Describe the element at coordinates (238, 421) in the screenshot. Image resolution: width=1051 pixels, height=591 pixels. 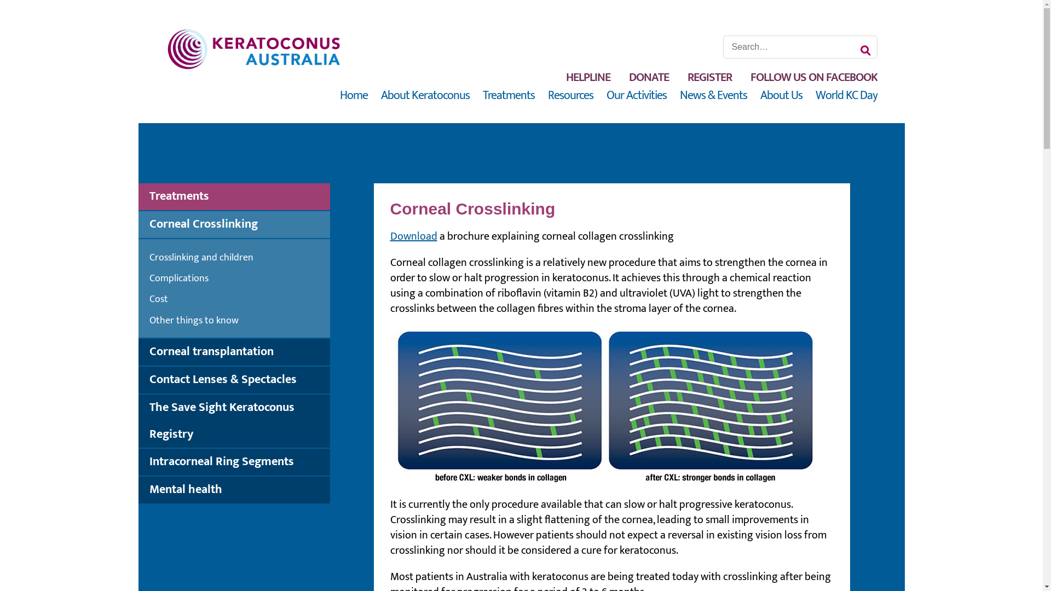
I see `'The Save Sight Keratoconus Registry'` at that location.